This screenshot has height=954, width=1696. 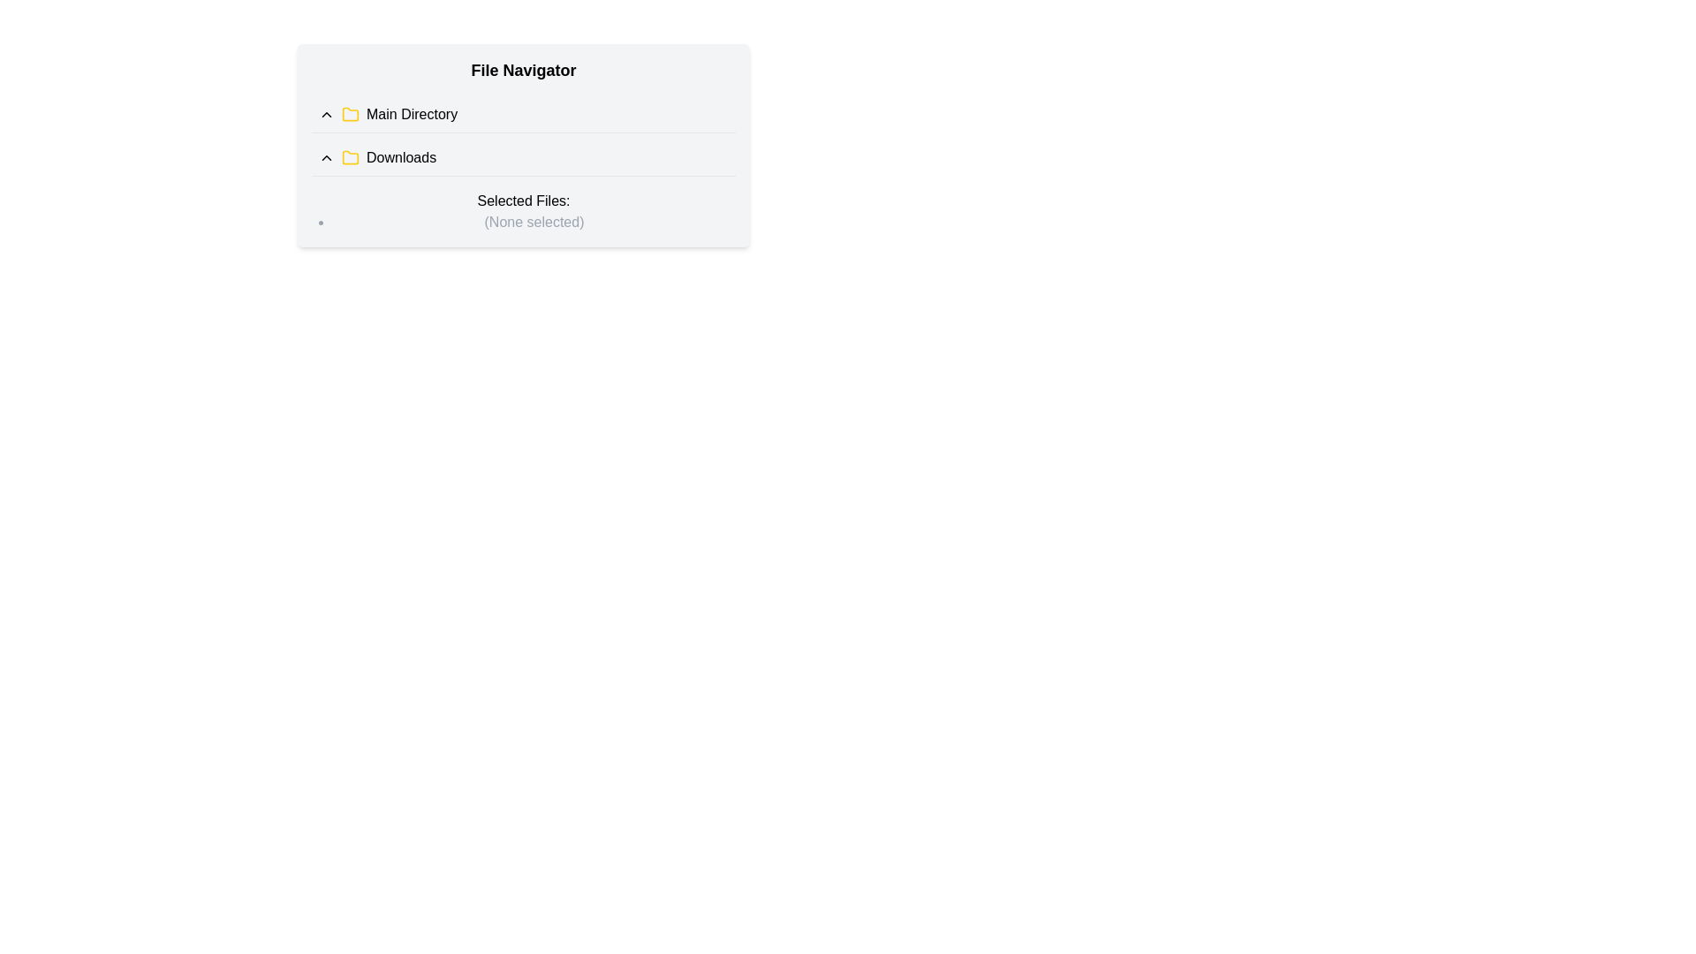 I want to click on the toggle button located at the start of the row containing the text 'Main Directory', so click(x=326, y=115).